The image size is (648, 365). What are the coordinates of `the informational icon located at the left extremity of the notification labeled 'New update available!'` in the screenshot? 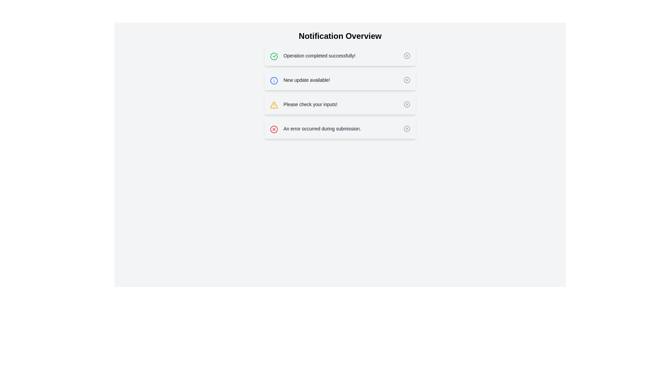 It's located at (274, 80).